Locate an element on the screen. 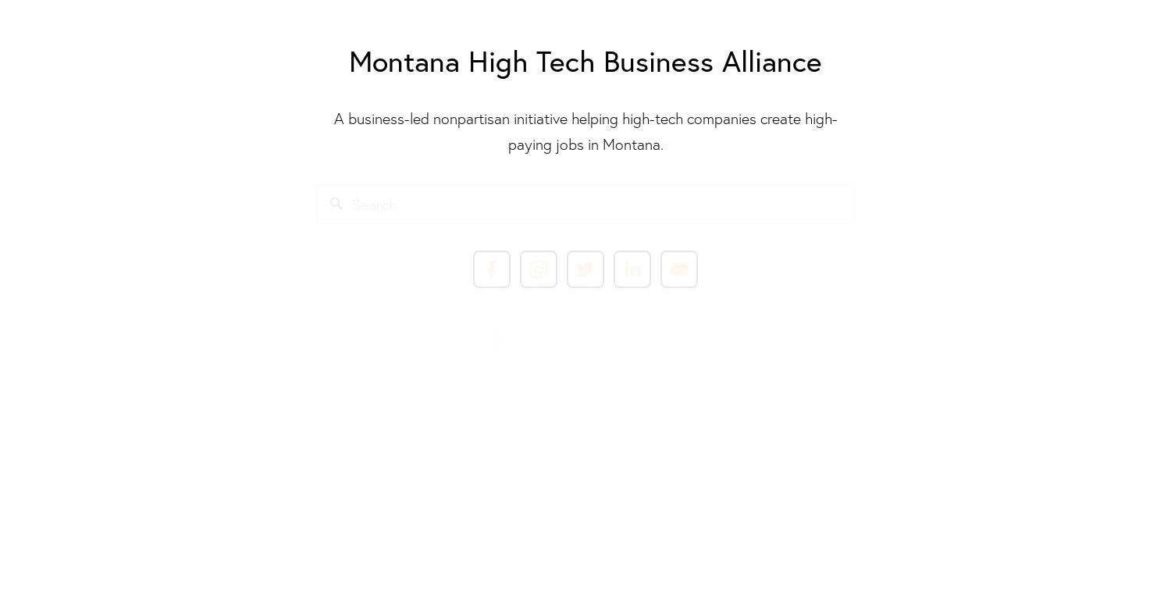 This screenshot has height=605, width=1171. 'A business-led nonpartisan initiative helping high-tech companies create high-paying jobs in Montana.' is located at coordinates (584, 130).